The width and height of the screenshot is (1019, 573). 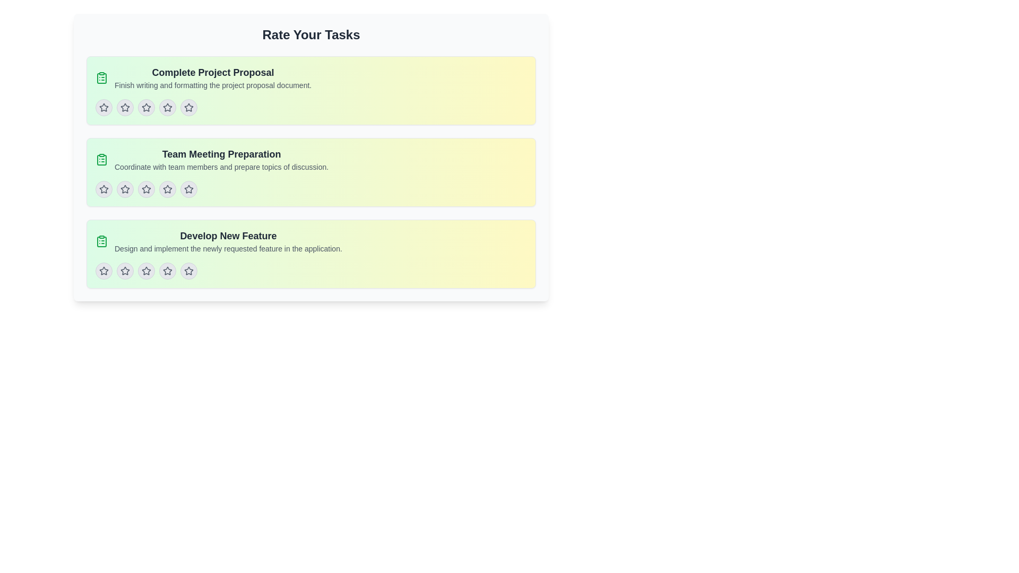 What do you see at coordinates (125, 270) in the screenshot?
I see `the second star button in the 'Develop New Feature' task section` at bounding box center [125, 270].